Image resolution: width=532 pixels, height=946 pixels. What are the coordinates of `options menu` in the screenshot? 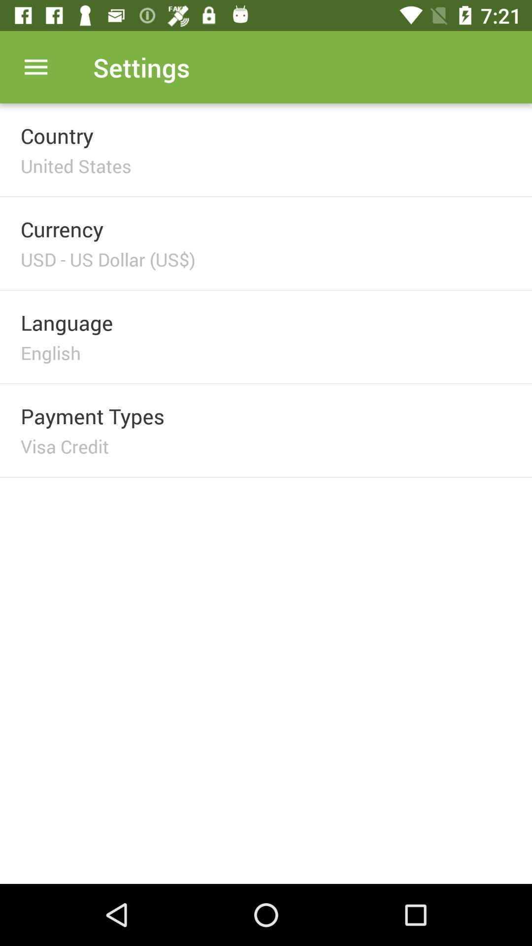 It's located at (35, 67).